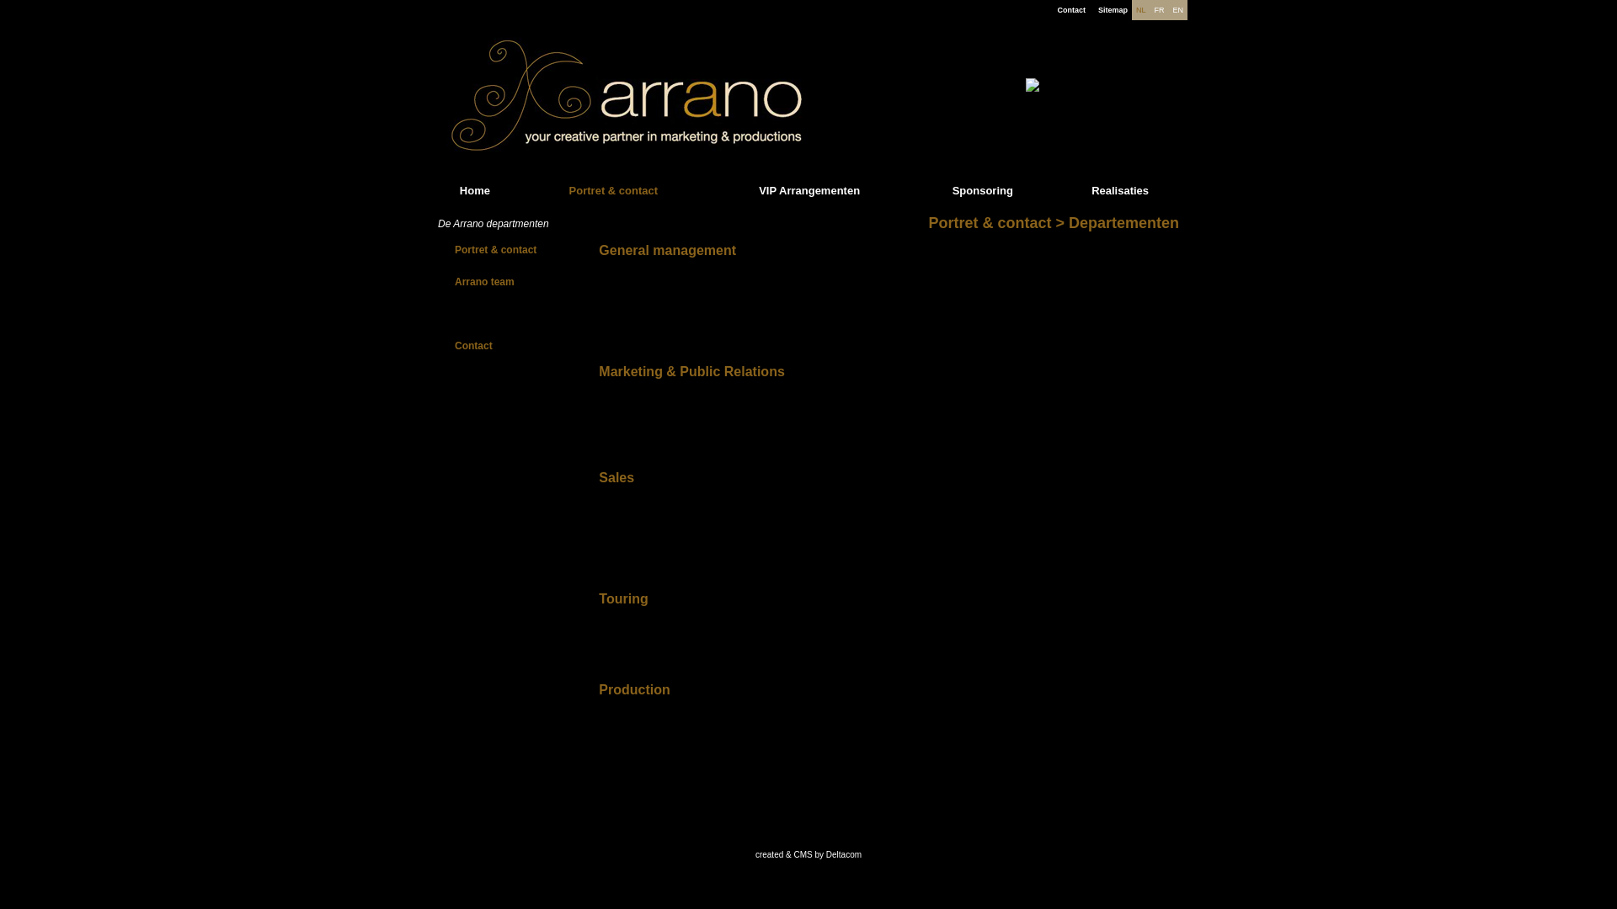 The height and width of the screenshot is (909, 1617). I want to click on 'Sponsoring', so click(982, 189).